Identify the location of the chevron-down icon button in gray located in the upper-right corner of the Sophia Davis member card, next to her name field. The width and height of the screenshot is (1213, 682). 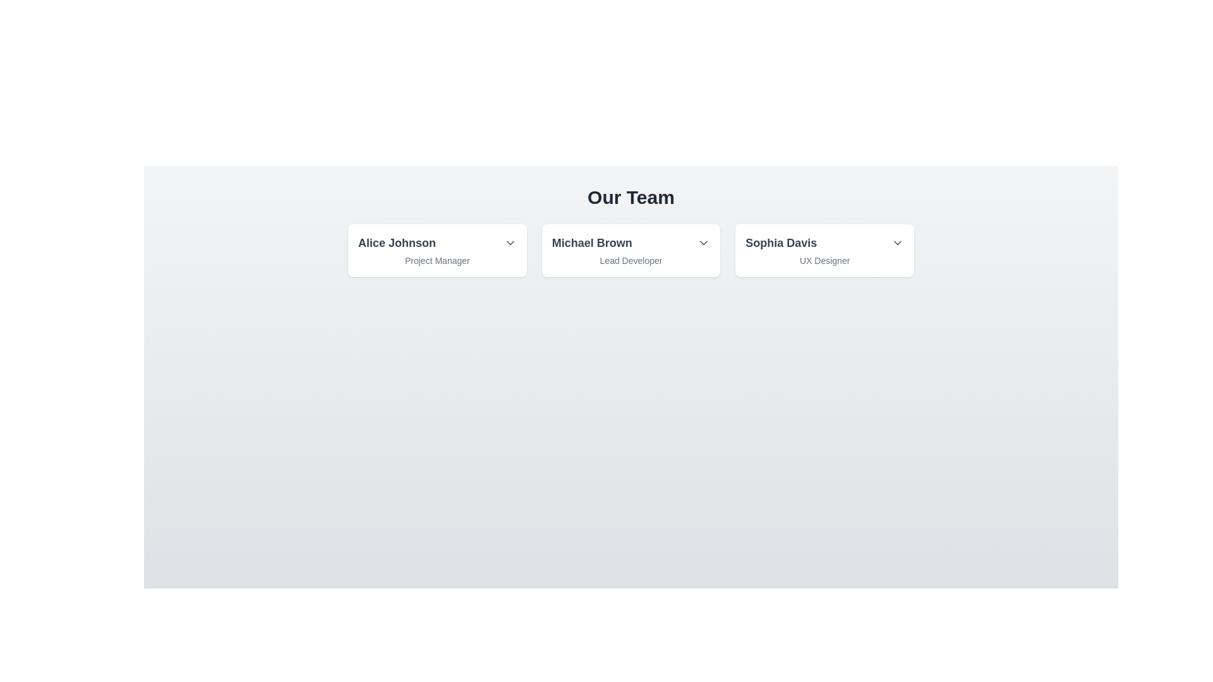
(896, 243).